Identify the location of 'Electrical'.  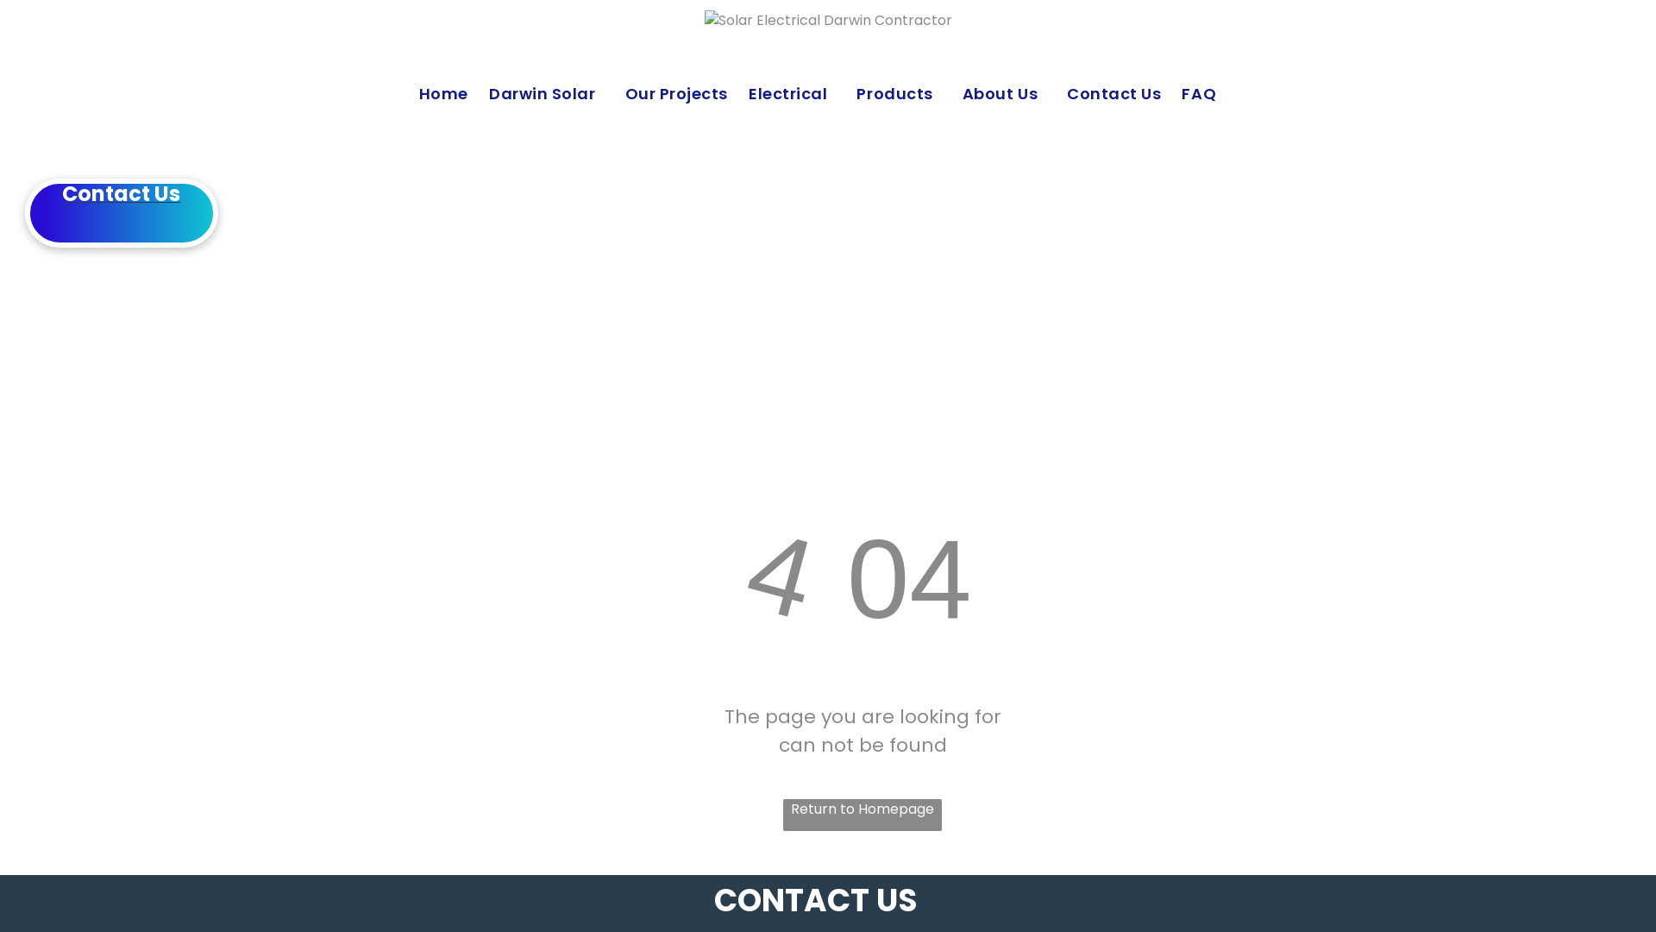
(801, 93).